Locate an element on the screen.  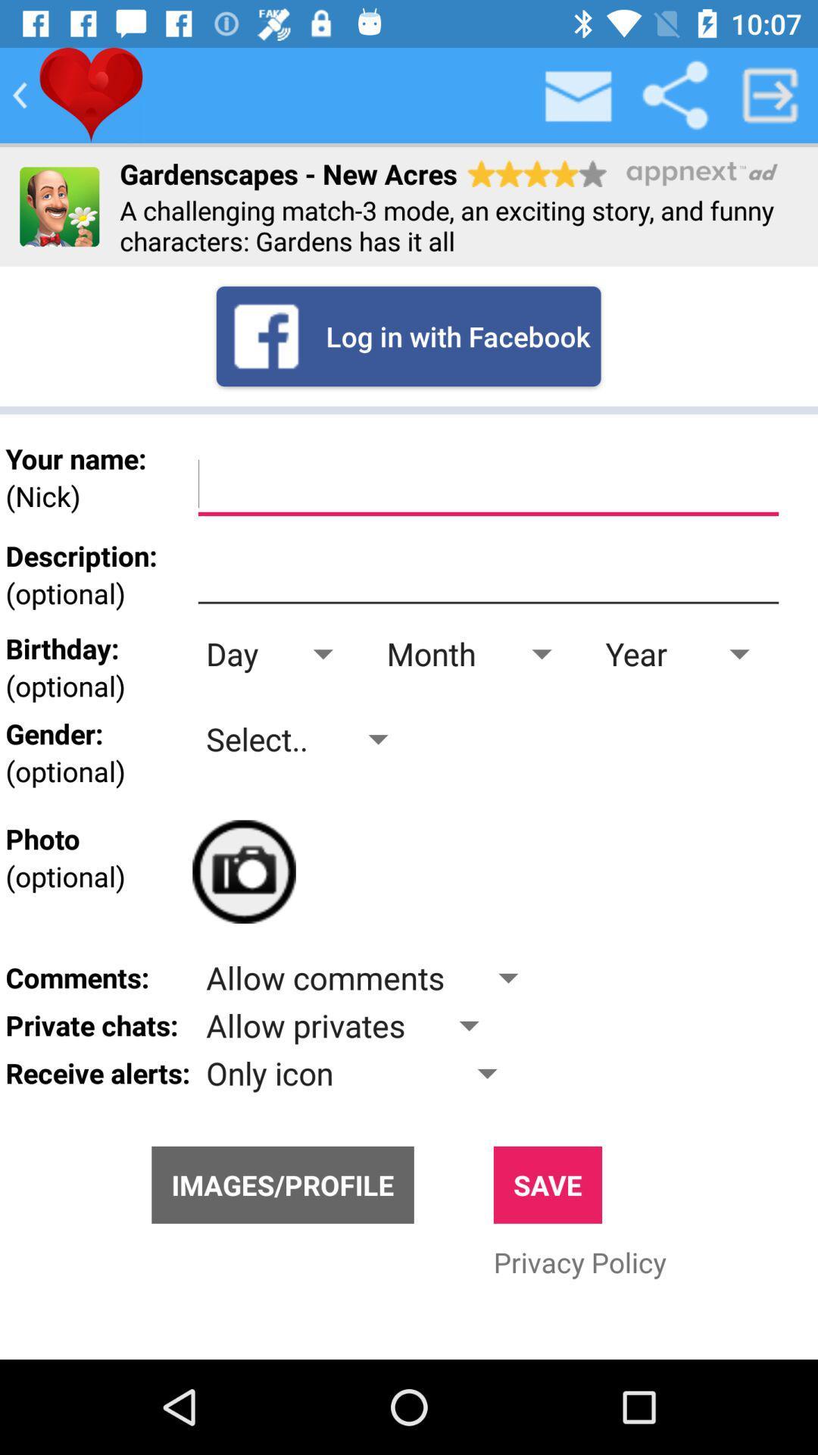
description is located at coordinates (488, 574).